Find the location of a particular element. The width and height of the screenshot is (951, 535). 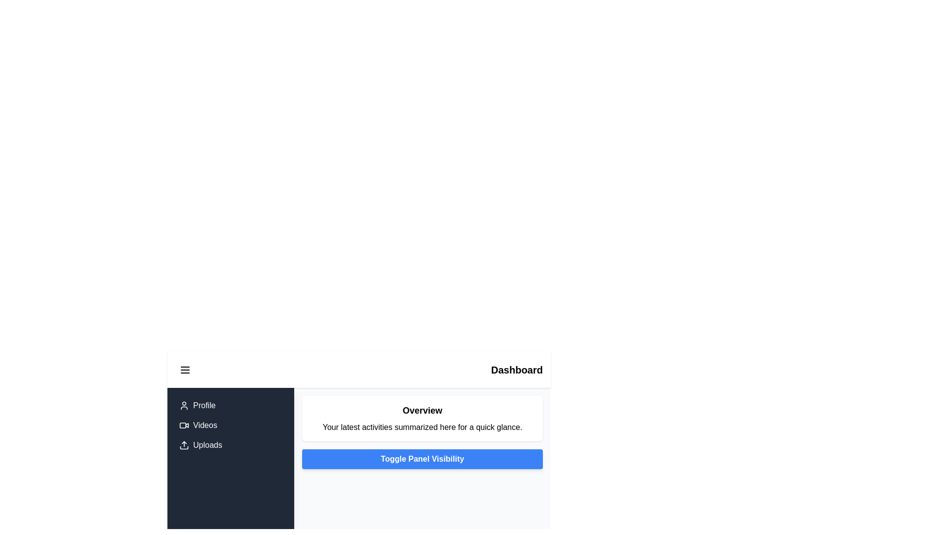

the hamburger icon button located at the top-left corner of the interface is located at coordinates (185, 370).